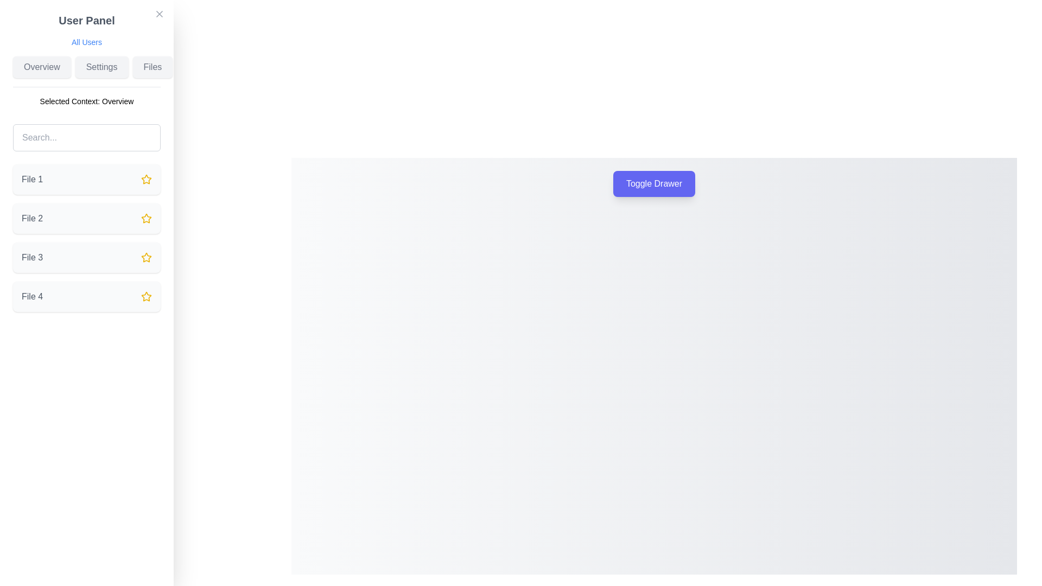  What do you see at coordinates (86, 101) in the screenshot?
I see `the text label displaying 'Selected Context: Overview', which is positioned within the 'User Panel' below the buttons and above the search bar` at bounding box center [86, 101].